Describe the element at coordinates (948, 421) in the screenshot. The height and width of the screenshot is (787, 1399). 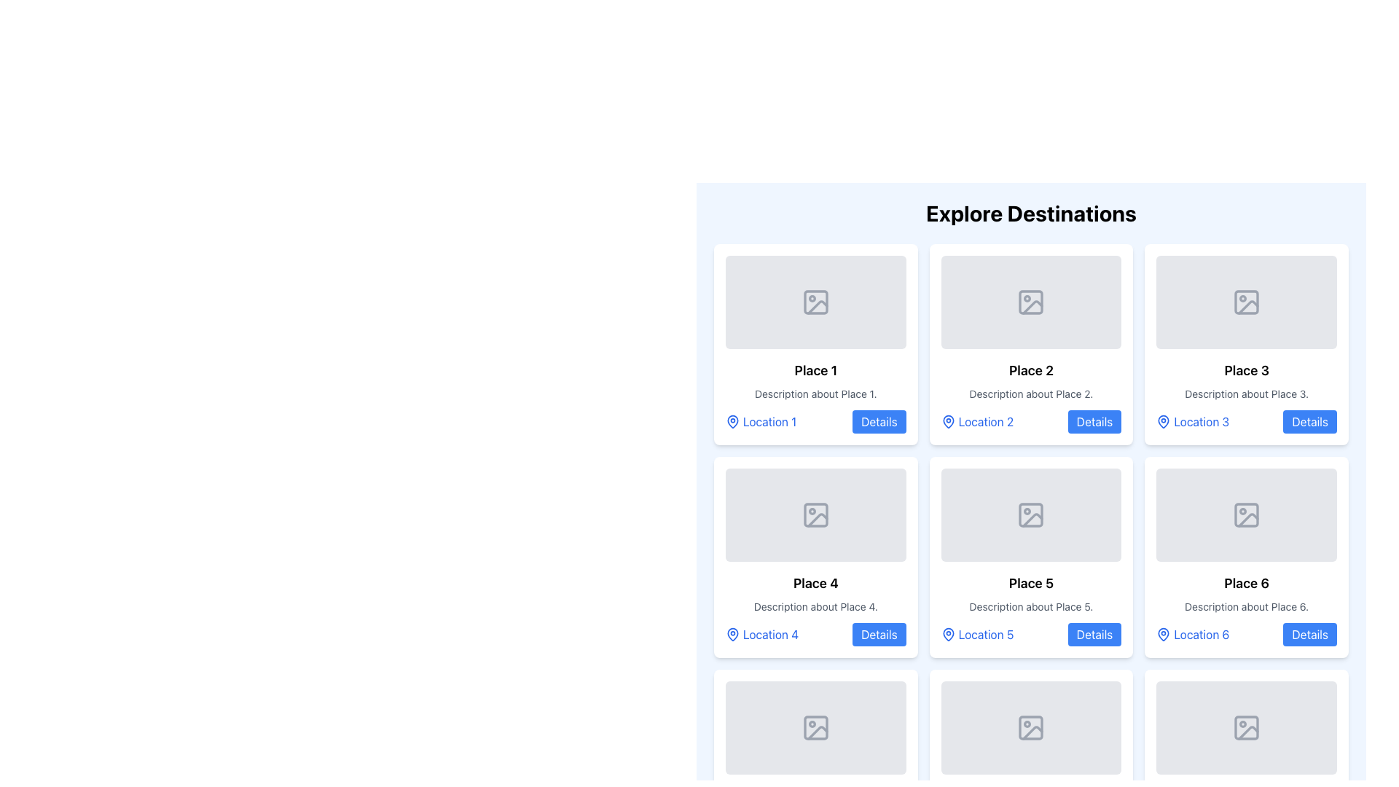
I see `the pin-shaped icon located in the 'Place 2' section, right above the text 'Location 2' in the second column of the 'Explore Destinations' grid` at that location.